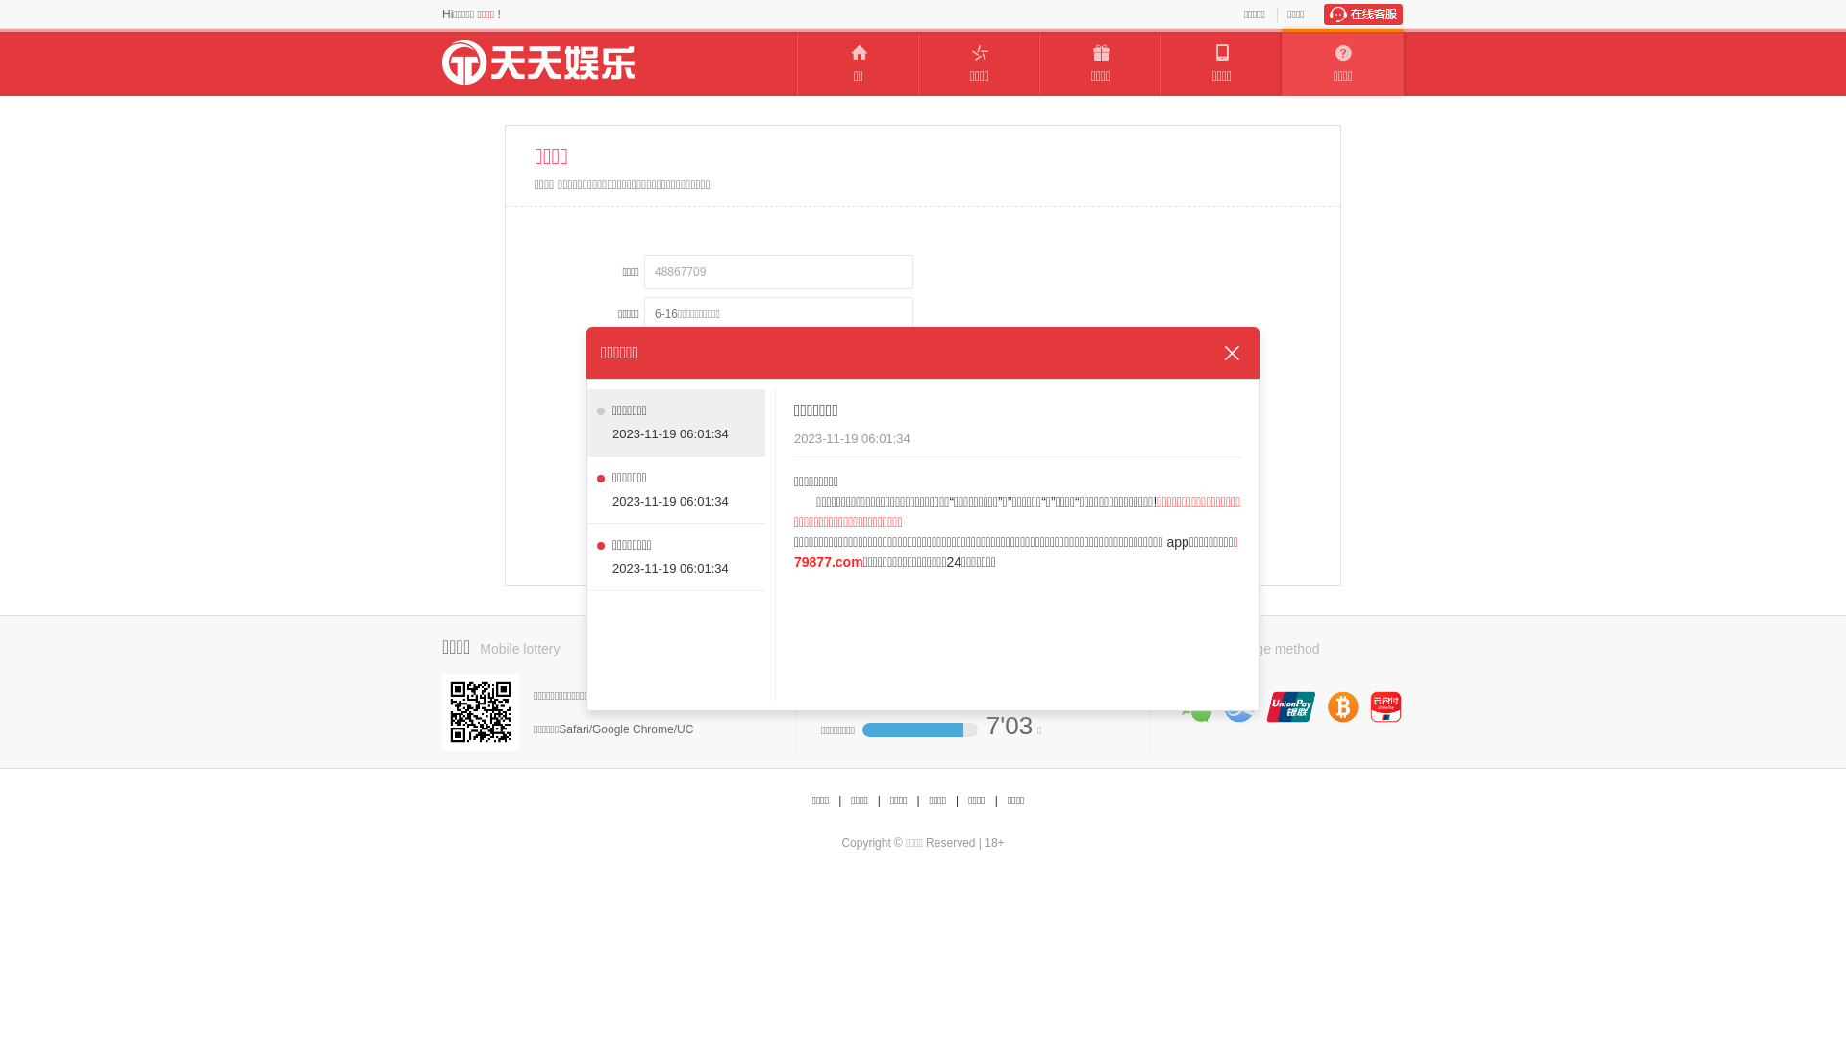  Describe the element at coordinates (876, 801) in the screenshot. I see `'|'` at that location.